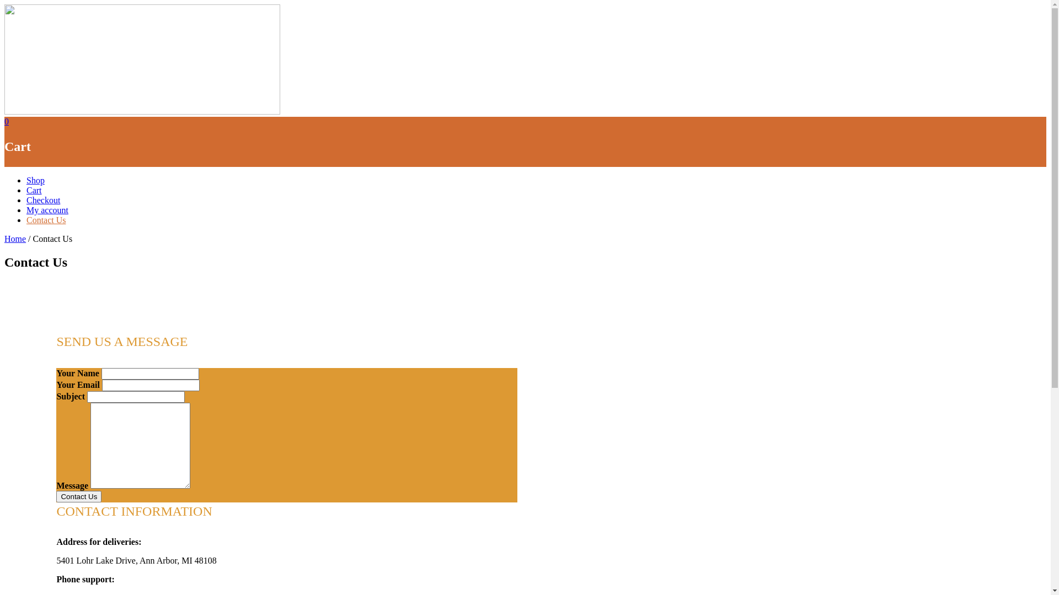  What do you see at coordinates (4, 4) in the screenshot?
I see `'Skip to content'` at bounding box center [4, 4].